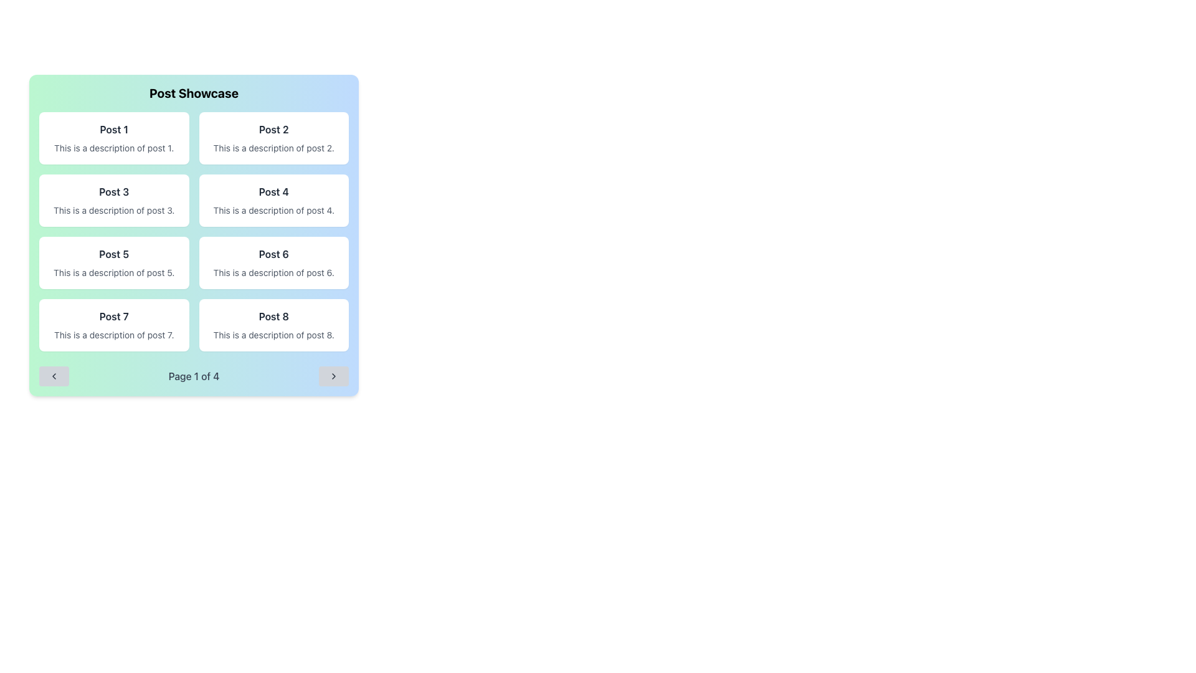  I want to click on text label displaying 'Post 2' located in the second card of the first row within the 'Post Showcase' section, so click(273, 130).